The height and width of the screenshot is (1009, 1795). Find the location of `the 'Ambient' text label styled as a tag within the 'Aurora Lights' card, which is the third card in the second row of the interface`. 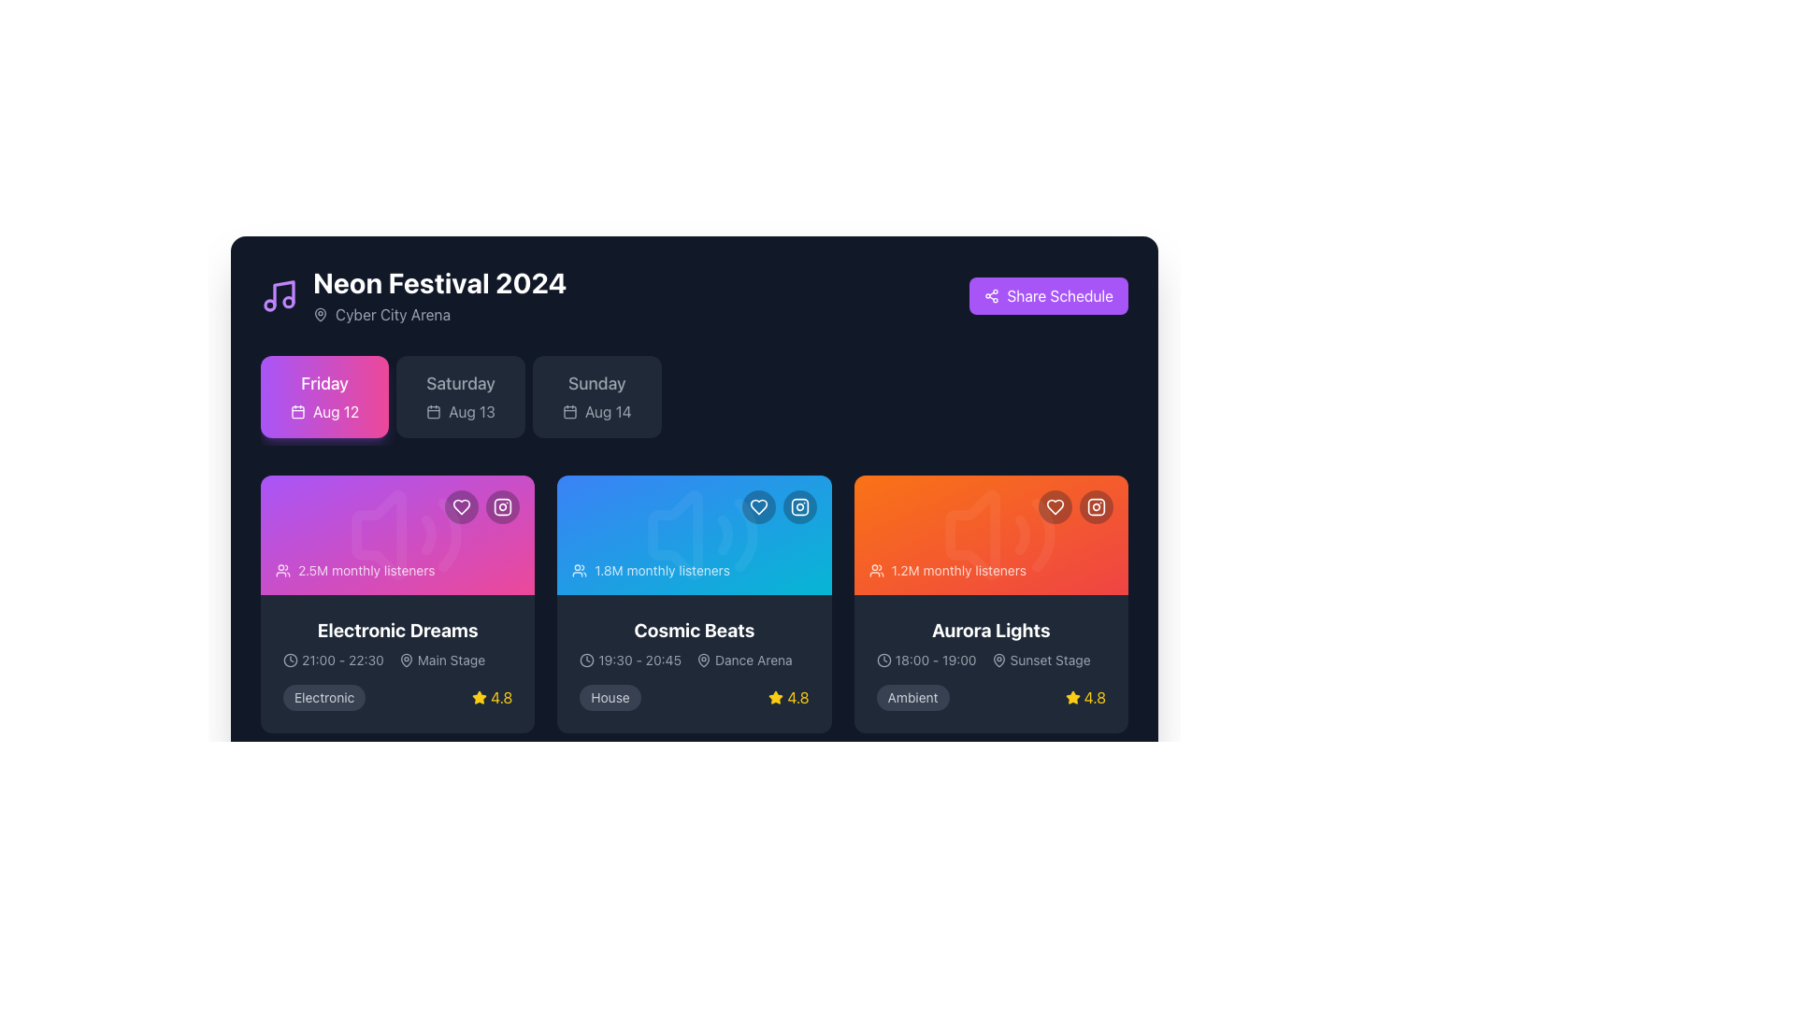

the 'Ambient' text label styled as a tag within the 'Aurora Lights' card, which is the third card in the second row of the interface is located at coordinates (912, 698).